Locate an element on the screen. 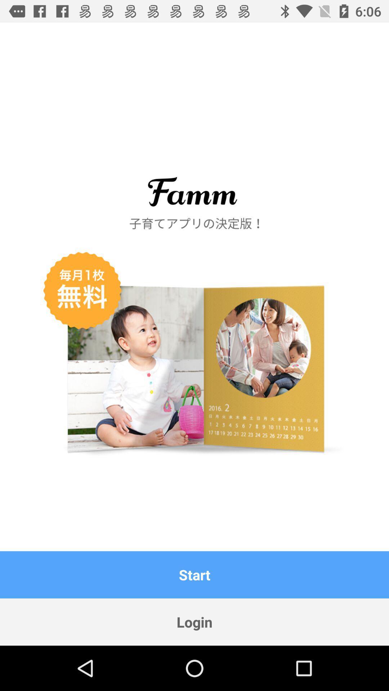 The height and width of the screenshot is (691, 389). item below the start item is located at coordinates (194, 622).